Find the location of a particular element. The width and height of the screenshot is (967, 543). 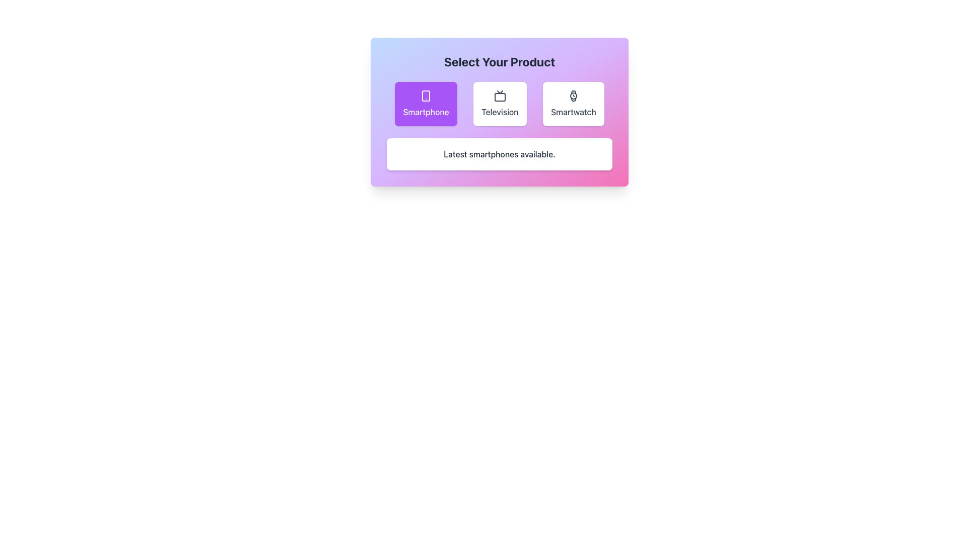

the leftmost button in a row of three that serves as a selectable option for choosing the 'Smartphone' product is located at coordinates (426, 104).